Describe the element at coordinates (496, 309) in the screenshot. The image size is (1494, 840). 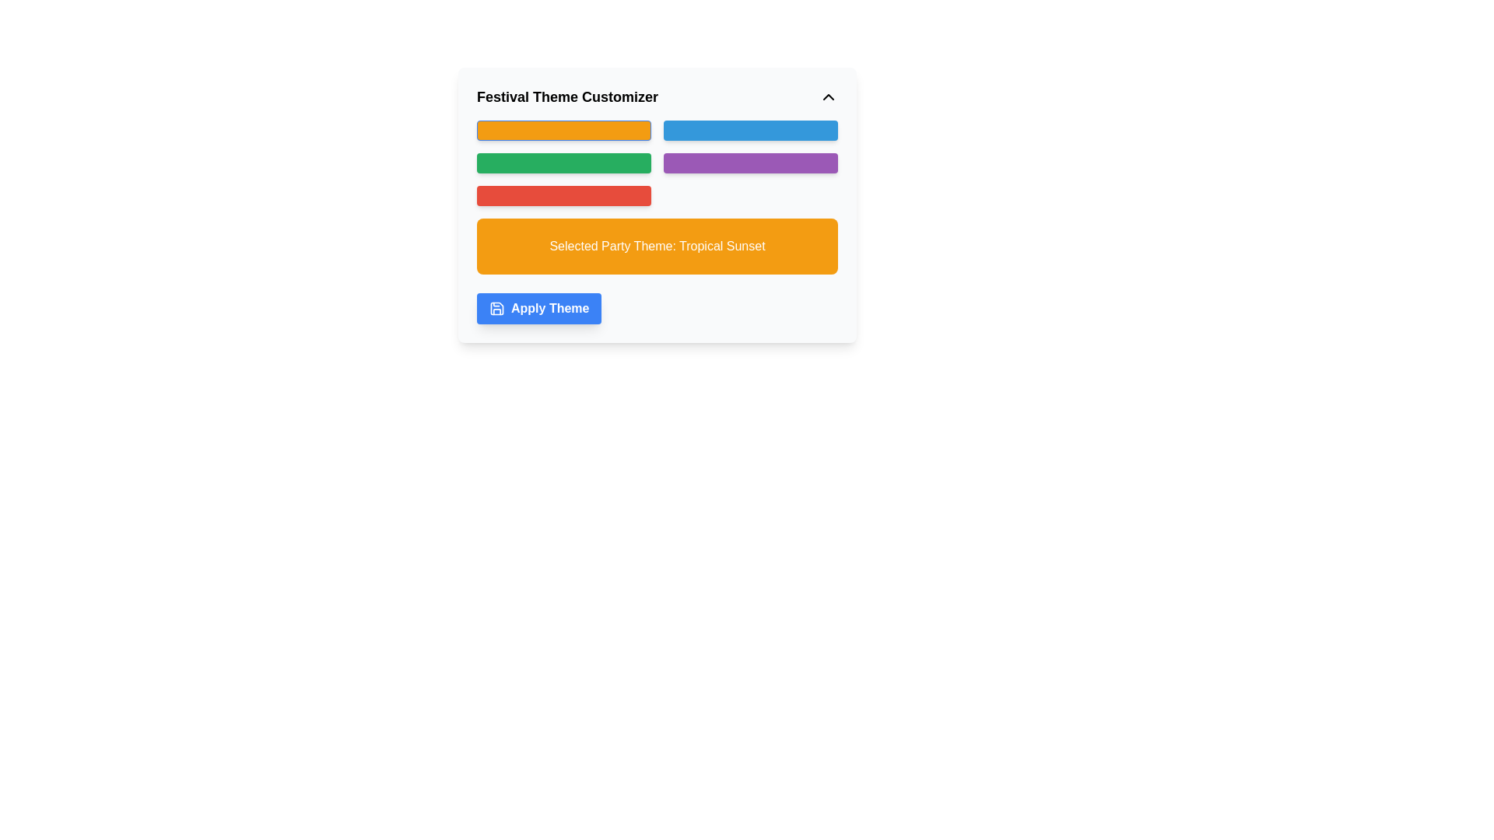
I see `the 'Apply Theme' button icon located on the left side of the button at the bottom of the Festival Theme Customizer card` at that location.